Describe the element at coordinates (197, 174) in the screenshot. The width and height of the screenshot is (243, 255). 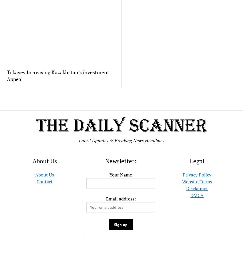
I see `'Privacy Policy'` at that location.